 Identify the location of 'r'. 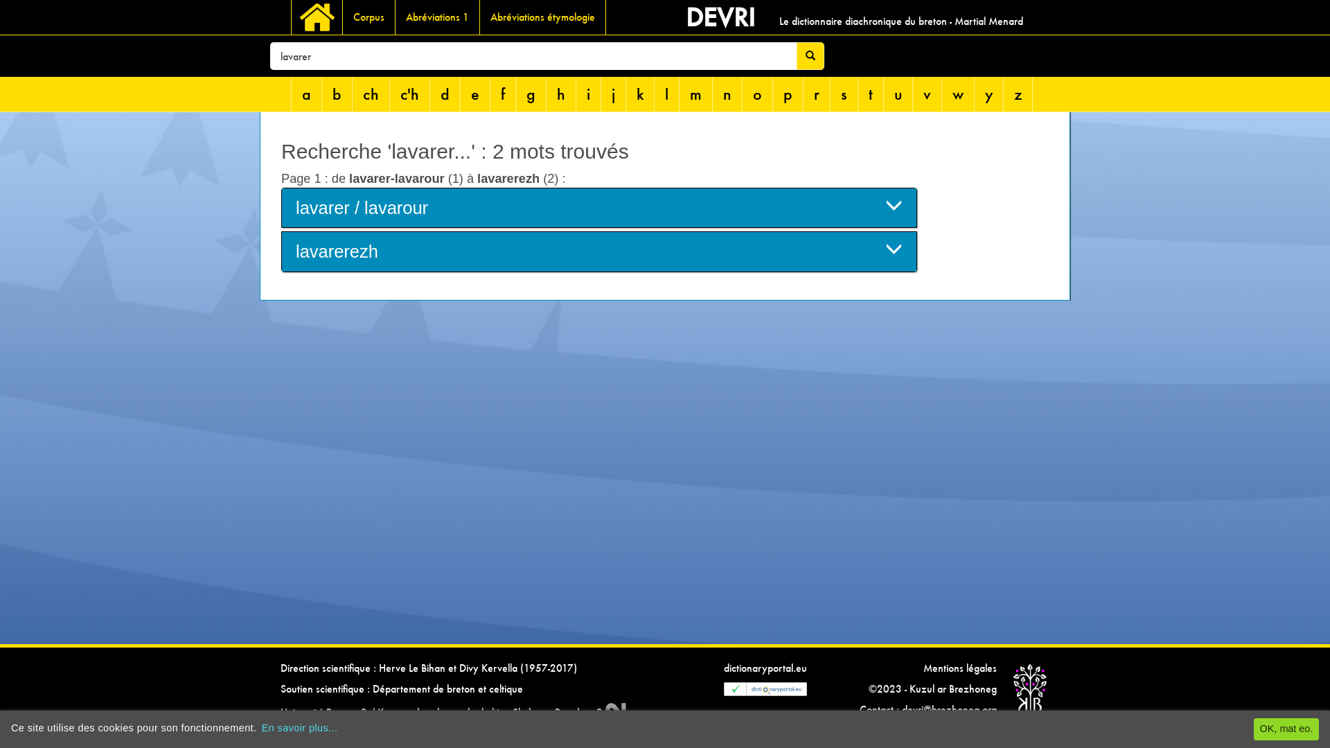
(817, 93).